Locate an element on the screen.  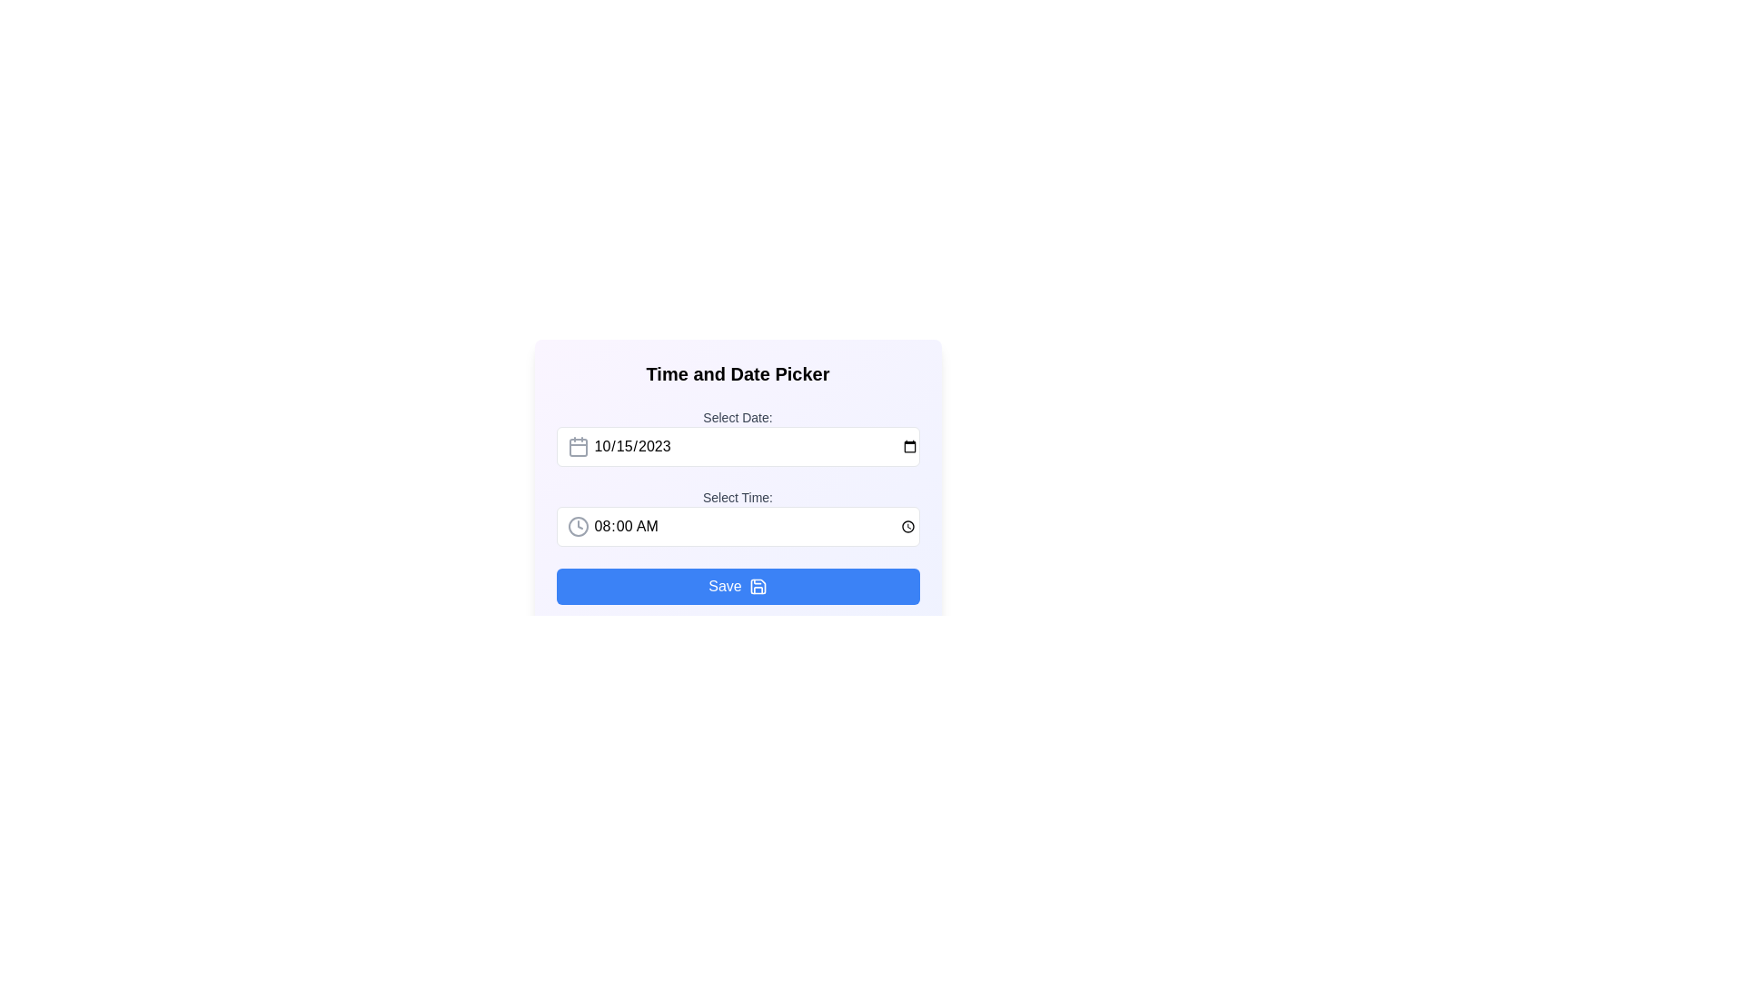
the input field labeled 'Select Time:' to set the time is located at coordinates (738, 518).